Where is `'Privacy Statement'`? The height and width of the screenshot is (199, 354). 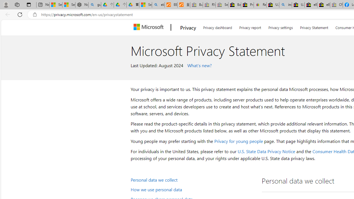 'Privacy Statement' is located at coordinates (314, 27).